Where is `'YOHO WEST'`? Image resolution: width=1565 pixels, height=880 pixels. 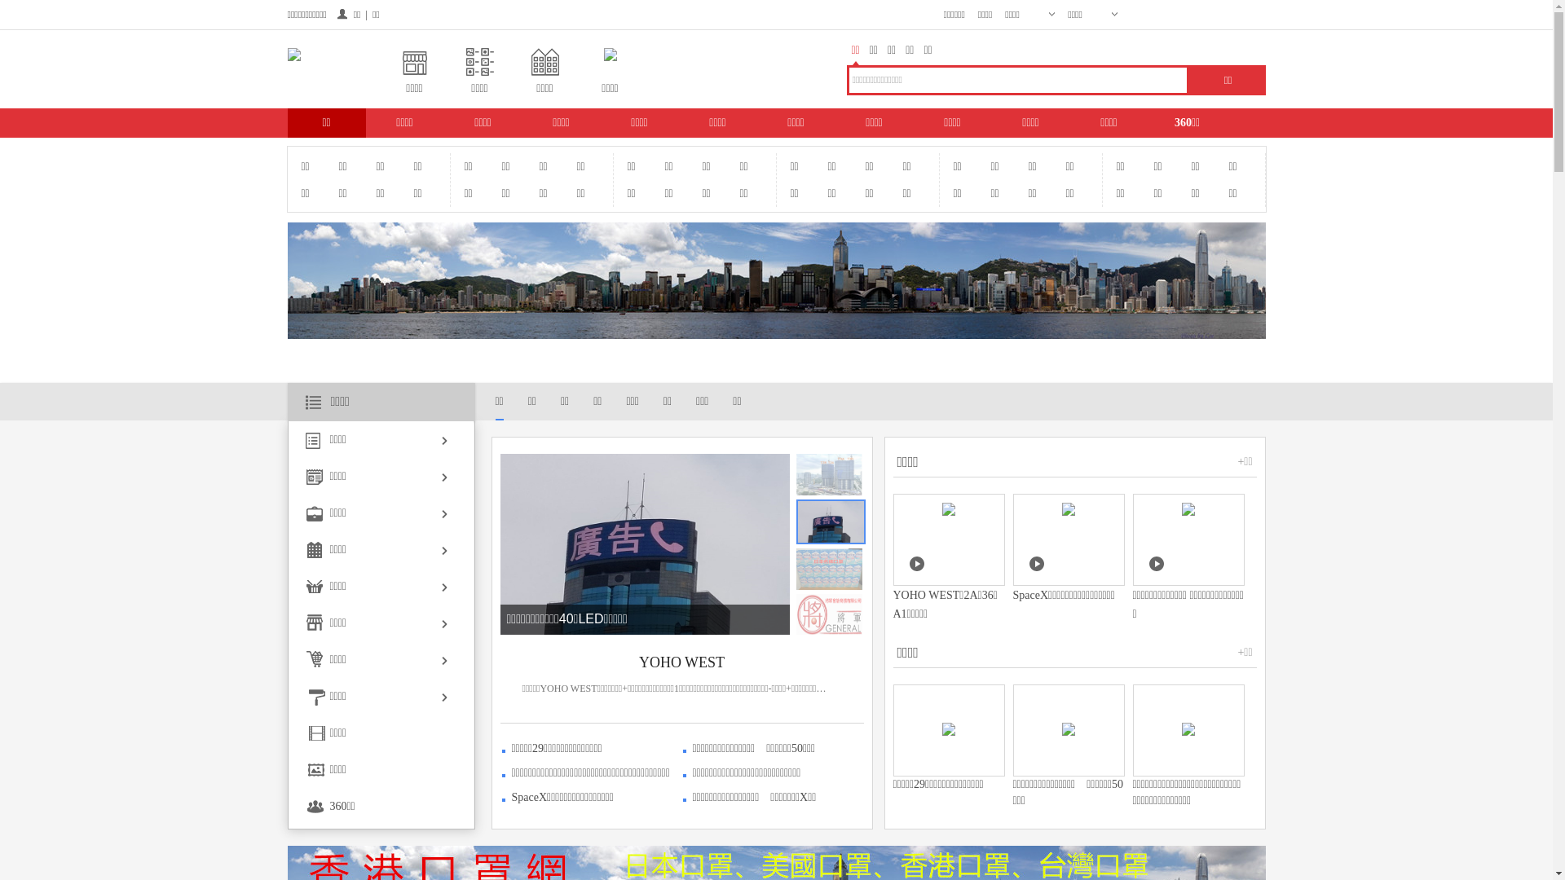 'YOHO WEST' is located at coordinates (681, 662).